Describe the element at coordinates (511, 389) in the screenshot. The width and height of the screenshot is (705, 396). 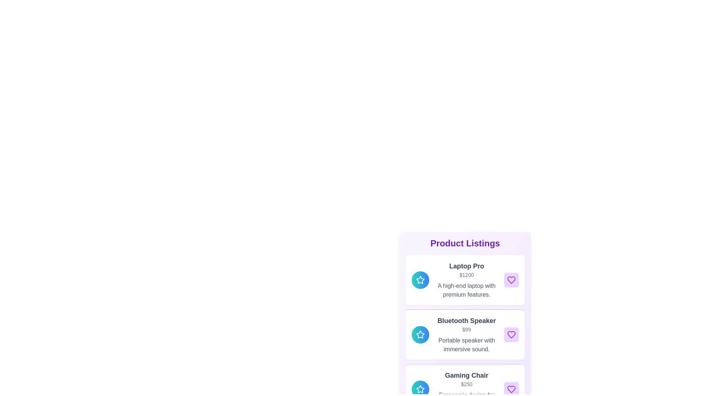
I see `'like' button for the product Gaming Chair` at that location.